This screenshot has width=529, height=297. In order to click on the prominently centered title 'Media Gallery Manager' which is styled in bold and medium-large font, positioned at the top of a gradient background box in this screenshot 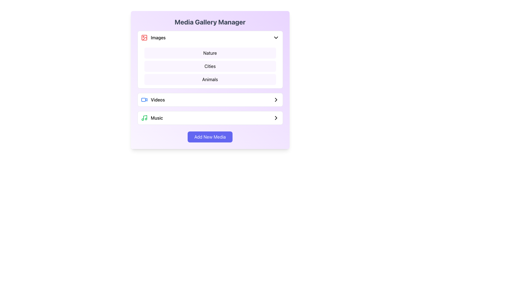, I will do `click(210, 22)`.